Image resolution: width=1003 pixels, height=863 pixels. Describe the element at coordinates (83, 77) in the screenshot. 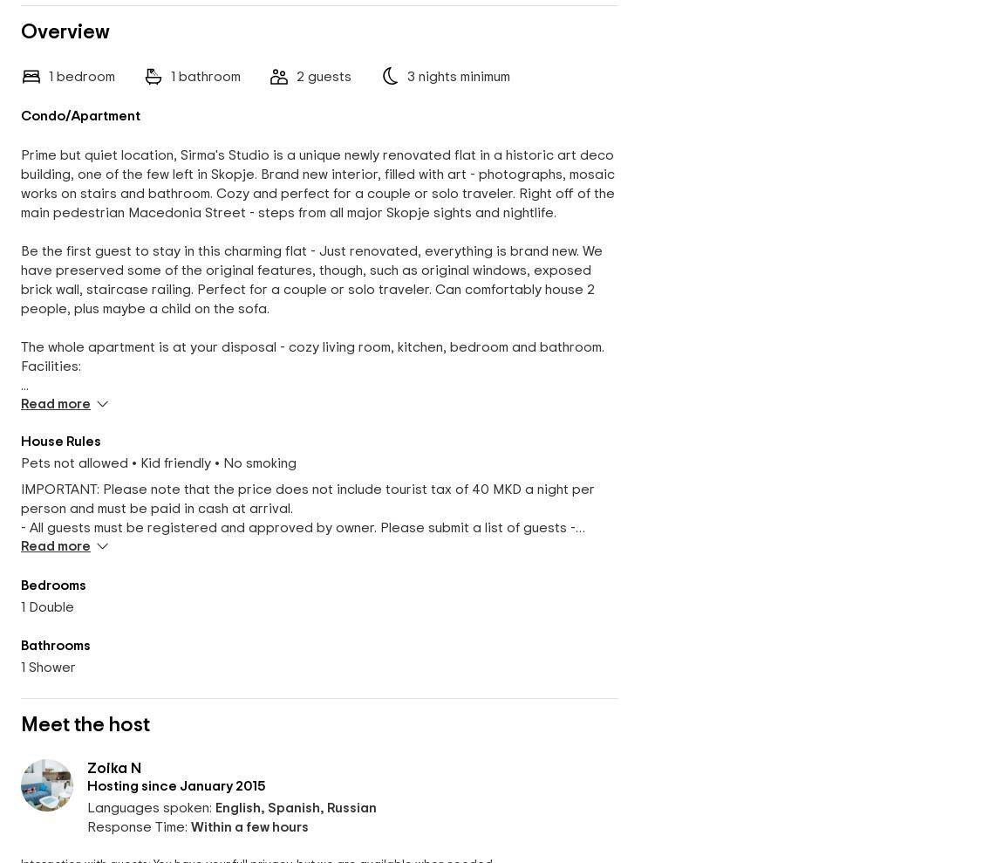

I see `'bedroom'` at that location.